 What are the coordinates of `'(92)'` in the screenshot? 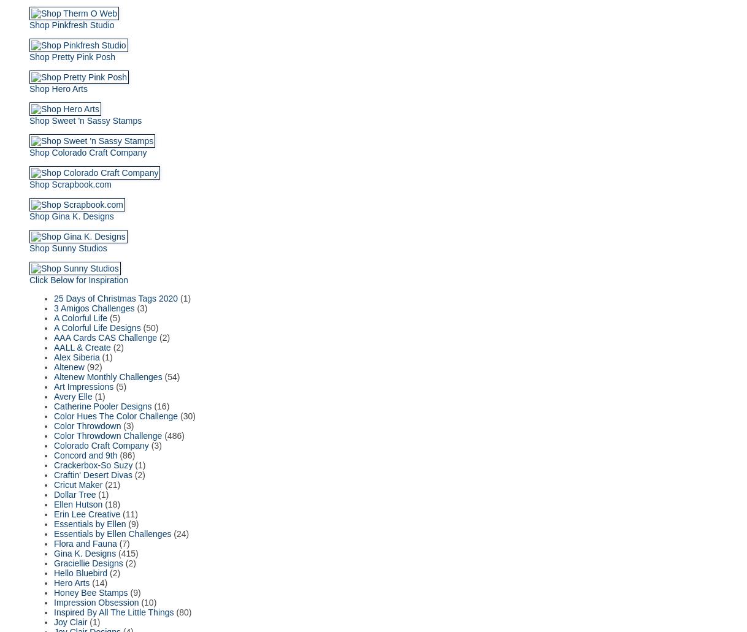 It's located at (93, 365).